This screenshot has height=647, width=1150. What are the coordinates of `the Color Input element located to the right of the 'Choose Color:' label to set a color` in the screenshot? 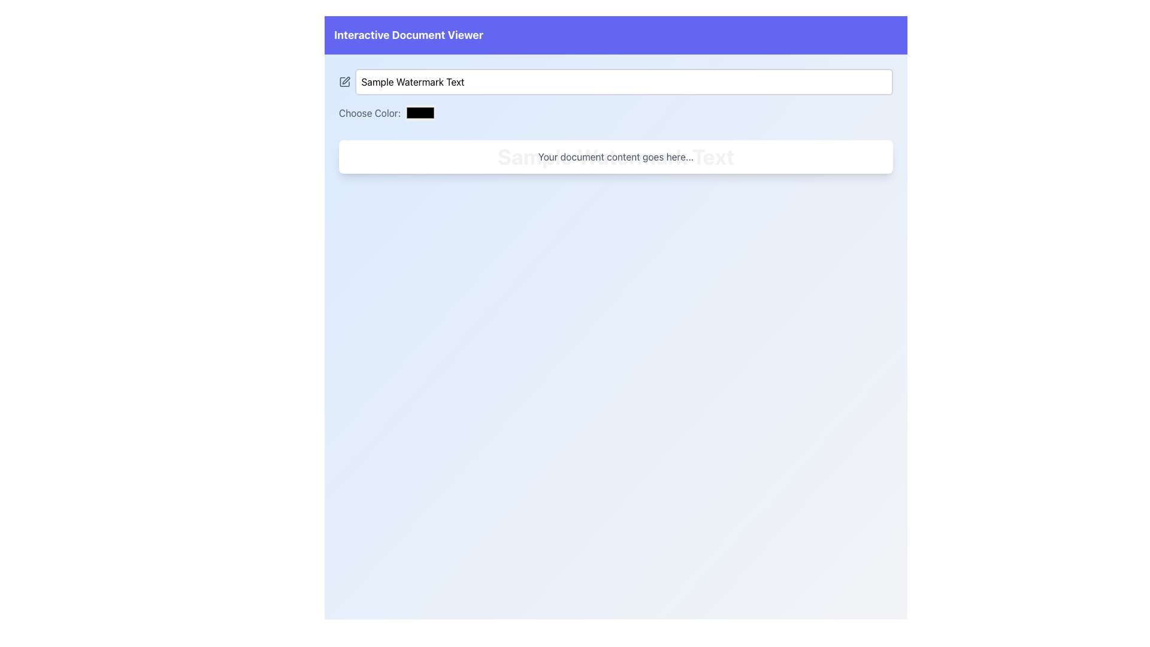 It's located at (420, 113).